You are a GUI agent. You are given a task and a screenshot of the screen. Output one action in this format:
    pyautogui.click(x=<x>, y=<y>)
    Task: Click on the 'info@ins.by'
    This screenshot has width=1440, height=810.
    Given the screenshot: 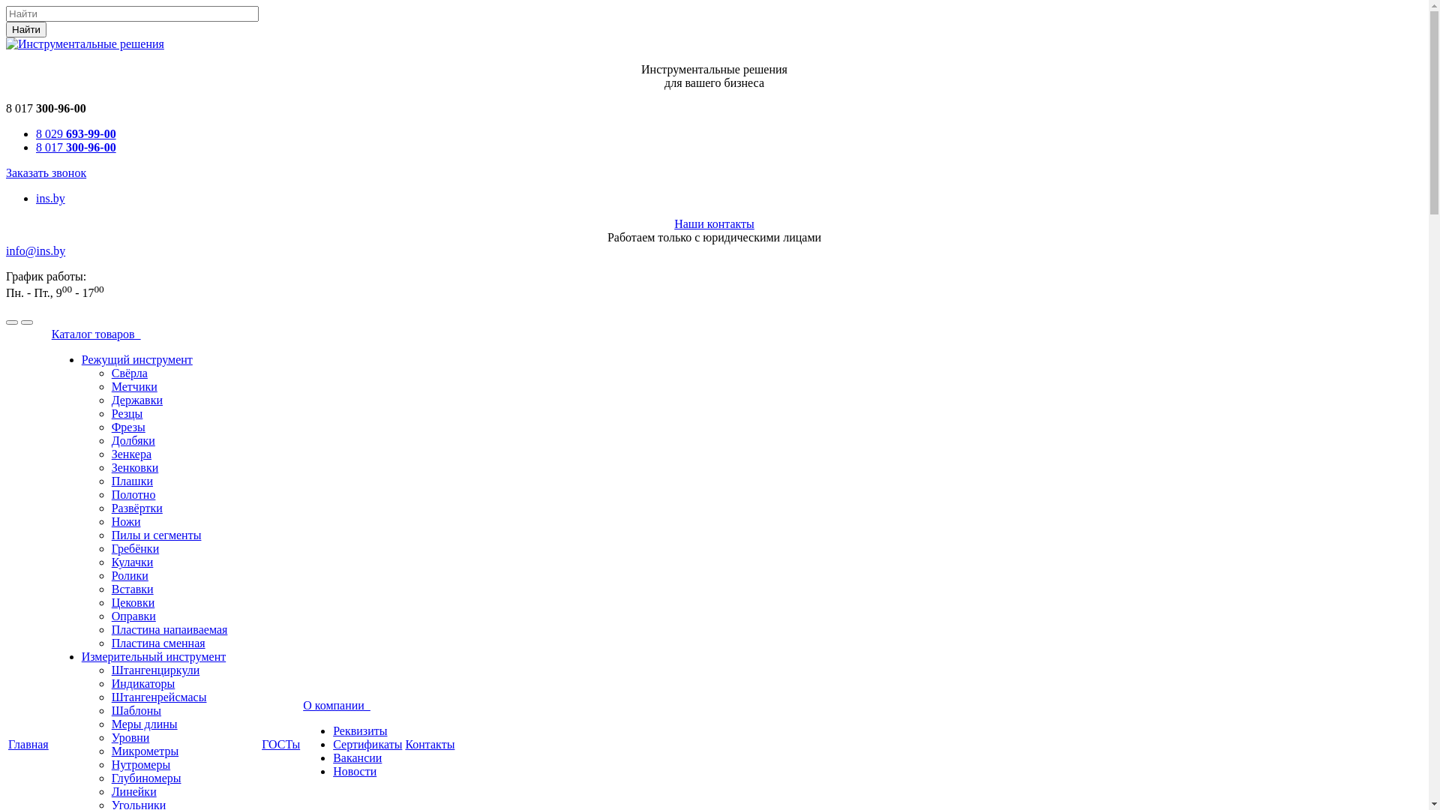 What is the action you would take?
    pyautogui.click(x=35, y=250)
    